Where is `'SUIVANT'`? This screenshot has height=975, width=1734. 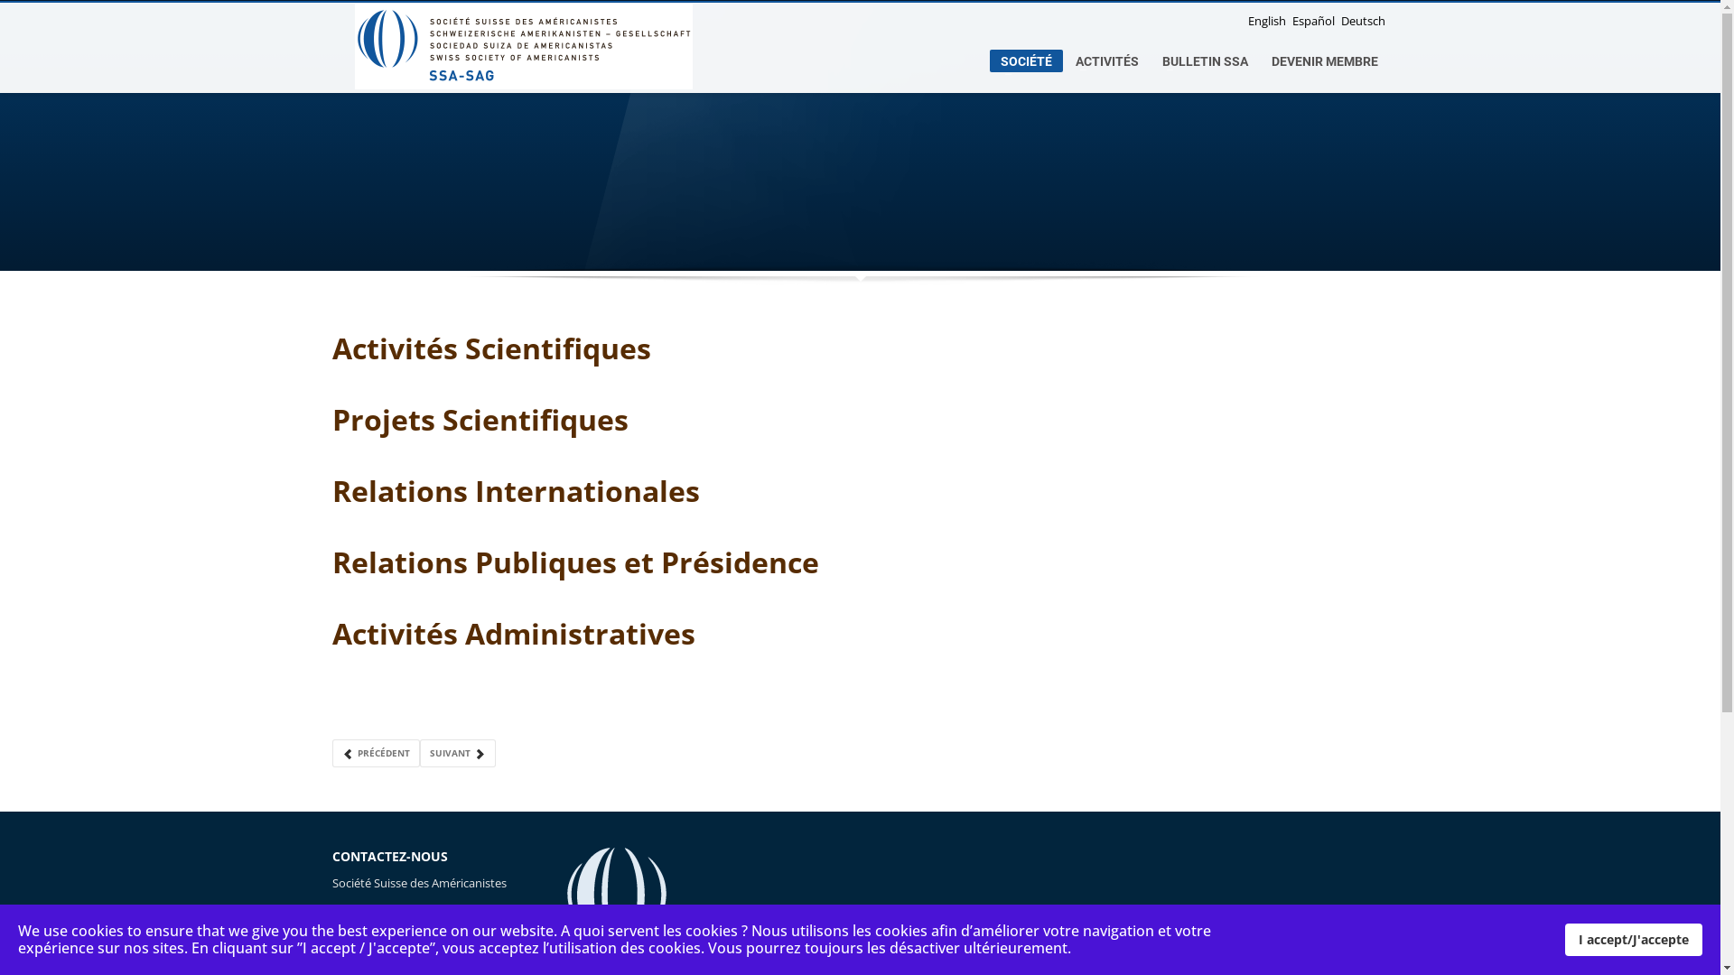
'SUIVANT' is located at coordinates (456, 753).